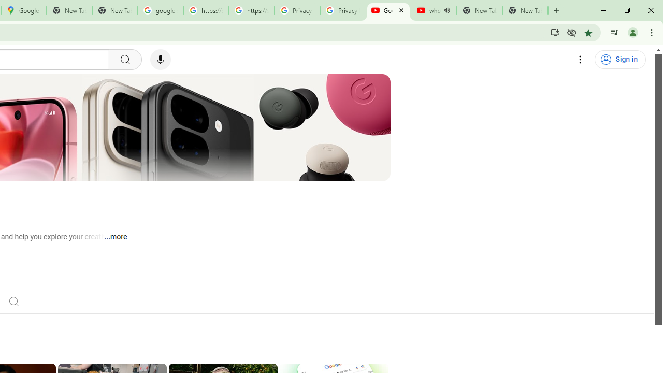 This screenshot has height=373, width=663. What do you see at coordinates (555, 32) in the screenshot?
I see `'Install YouTube'` at bounding box center [555, 32].